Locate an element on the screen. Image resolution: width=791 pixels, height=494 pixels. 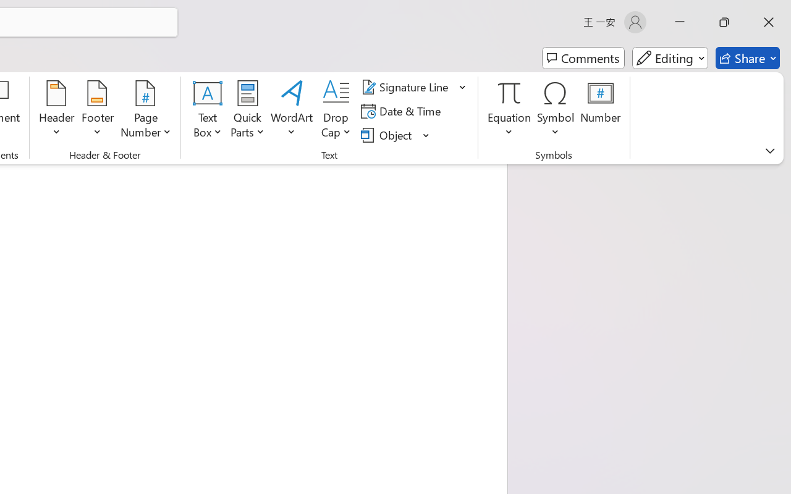
'Mode' is located at coordinates (669, 58).